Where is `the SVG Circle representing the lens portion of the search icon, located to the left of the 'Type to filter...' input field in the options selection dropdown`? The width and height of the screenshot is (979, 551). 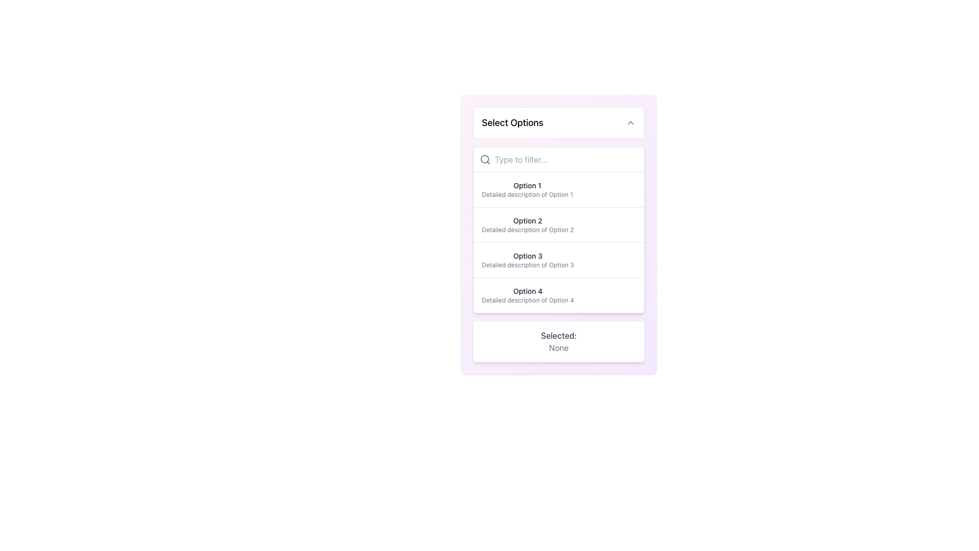
the SVG Circle representing the lens portion of the search icon, located to the left of the 'Type to filter...' input field in the options selection dropdown is located at coordinates (484, 159).